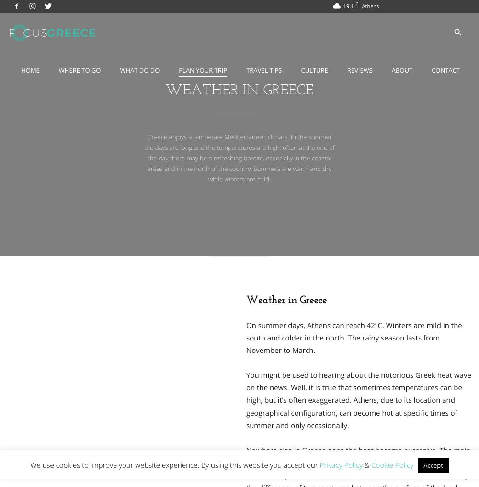 This screenshot has height=487, width=479. Describe the element at coordinates (246, 399) in the screenshot. I see `'You might be used to hearing about the notorious Greek heat wave on the news. Well, it is true that sometimes temperatures can be high, but it’s often exaggerated. Athens, due to its location and geographical configuration, can become hot at specific times of summer and only occasionally.'` at that location.